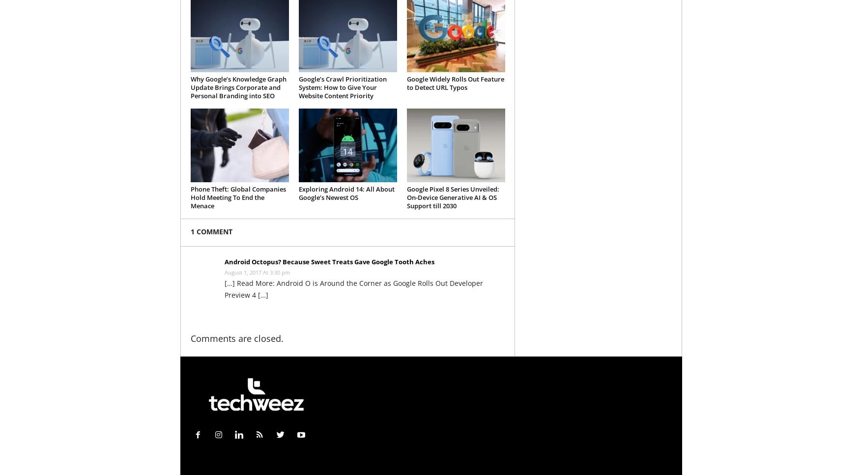 Image resolution: width=862 pixels, height=475 pixels. What do you see at coordinates (353, 288) in the screenshot?
I see `'[…] Read More: Android O is Around the Corner as Google Rolls Out Developer Preview 4 […]'` at bounding box center [353, 288].